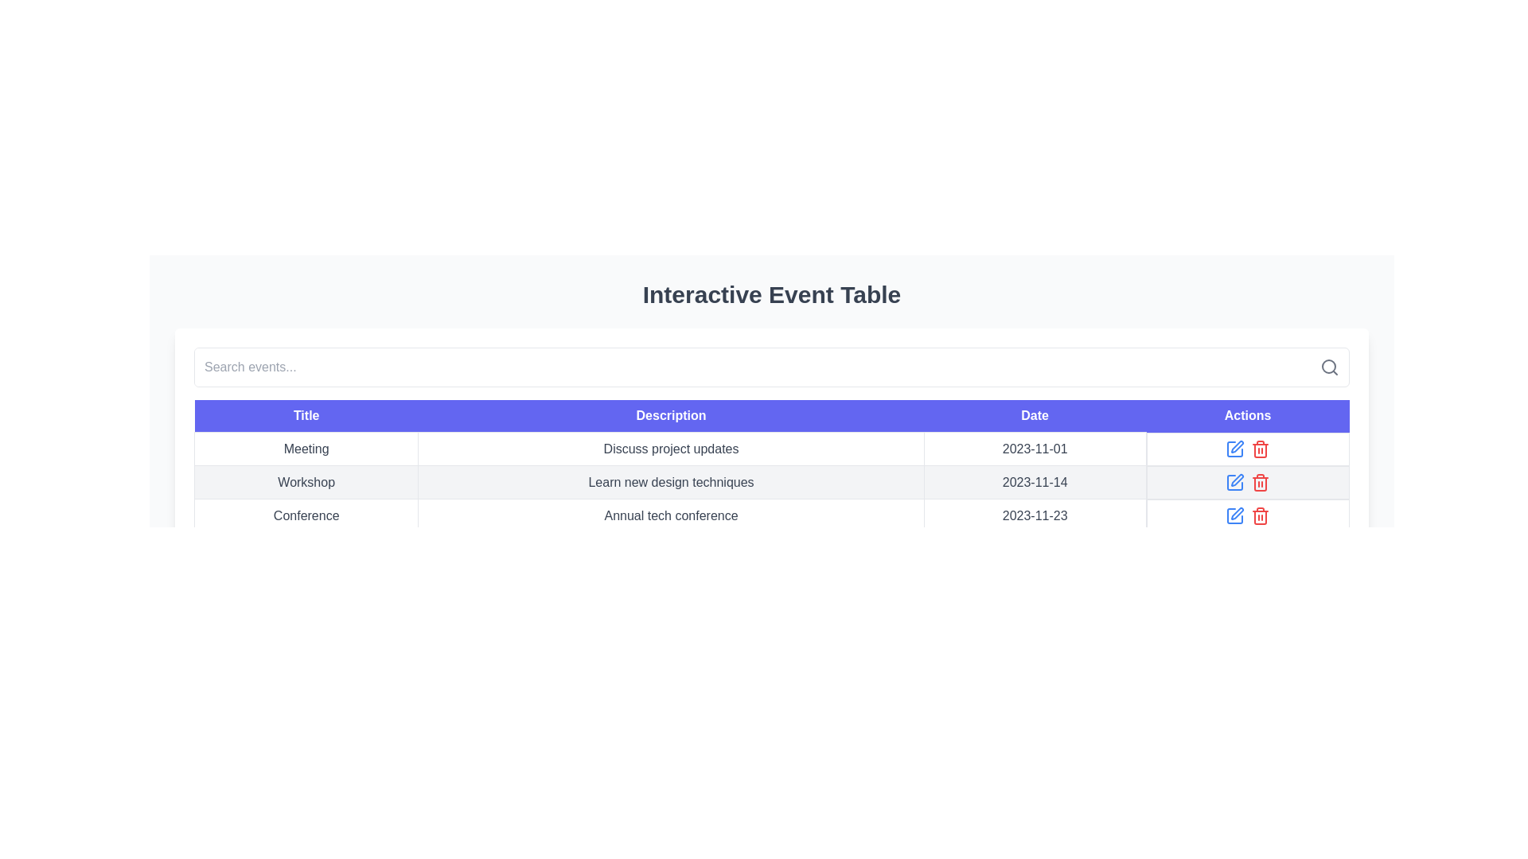 Image resolution: width=1528 pixels, height=859 pixels. What do you see at coordinates (1247, 415) in the screenshot?
I see `the 'Actions' column header text label, which is the last header in a row of table headers, located to the right of the 'Date' header` at bounding box center [1247, 415].